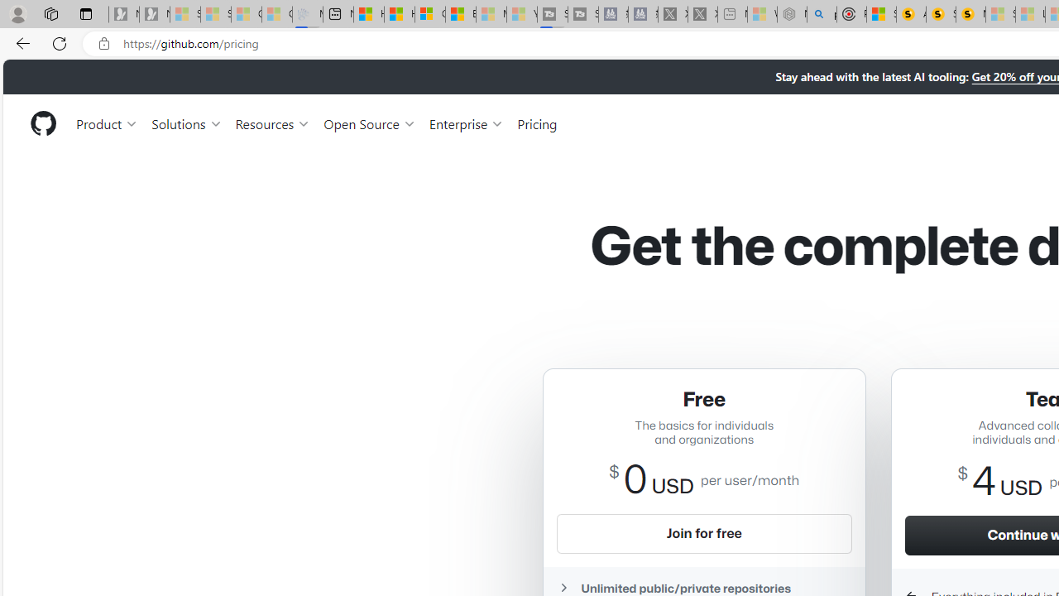  What do you see at coordinates (186, 123) in the screenshot?
I see `'Solutions'` at bounding box center [186, 123].